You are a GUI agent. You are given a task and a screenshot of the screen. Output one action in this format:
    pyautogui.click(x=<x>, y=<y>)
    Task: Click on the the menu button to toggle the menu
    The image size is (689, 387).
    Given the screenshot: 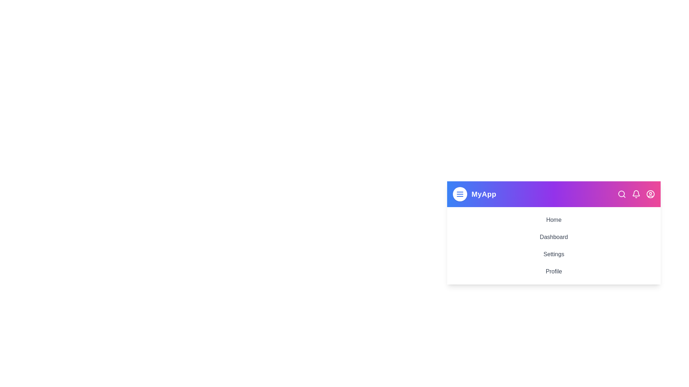 What is the action you would take?
    pyautogui.click(x=460, y=194)
    